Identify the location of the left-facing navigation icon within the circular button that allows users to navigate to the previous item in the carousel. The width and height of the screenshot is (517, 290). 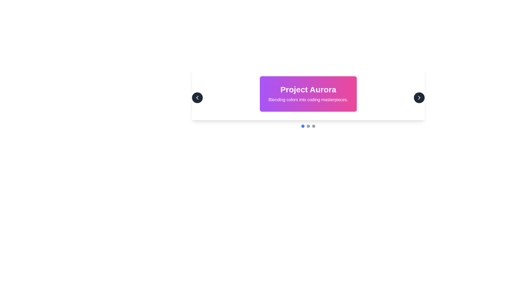
(197, 97).